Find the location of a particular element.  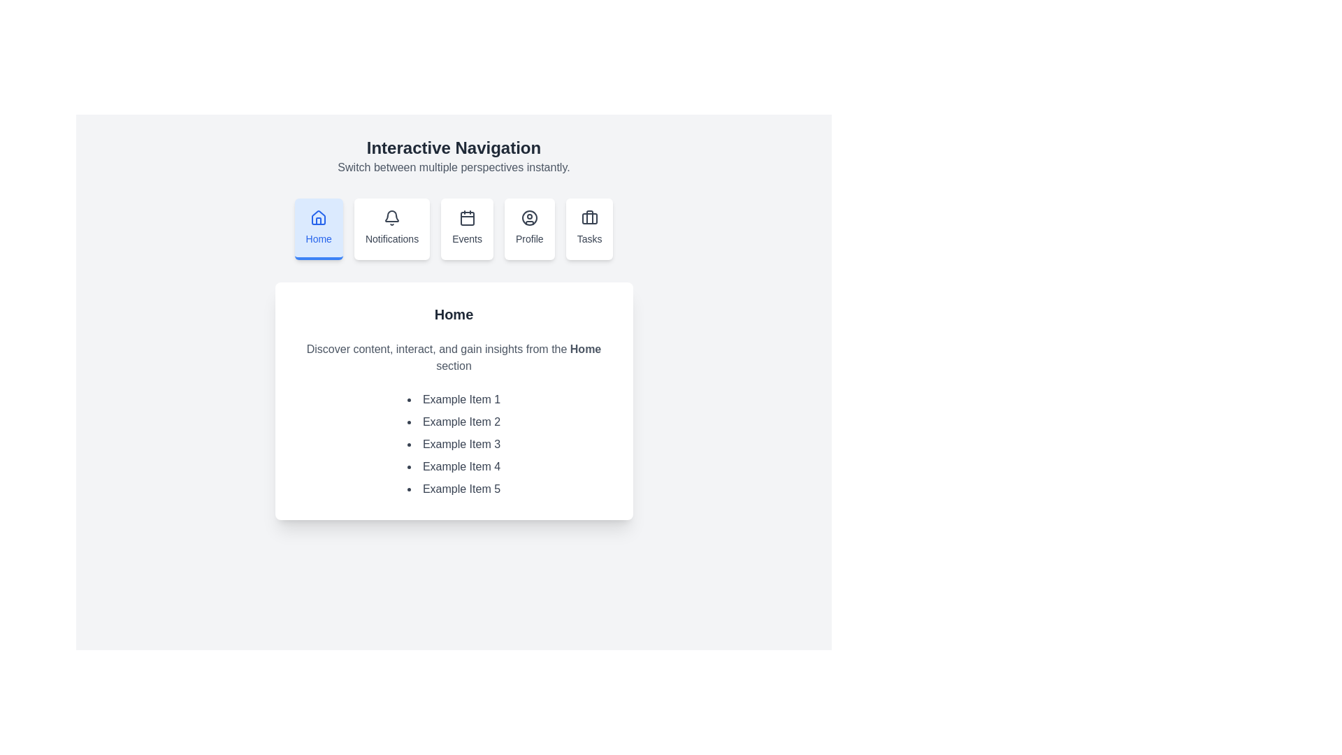

the 'Notifications' button, which is a rectangular button with a bell icon above the text, located in the navigation bar between the 'Home' and 'Events' buttons is located at coordinates (391, 228).